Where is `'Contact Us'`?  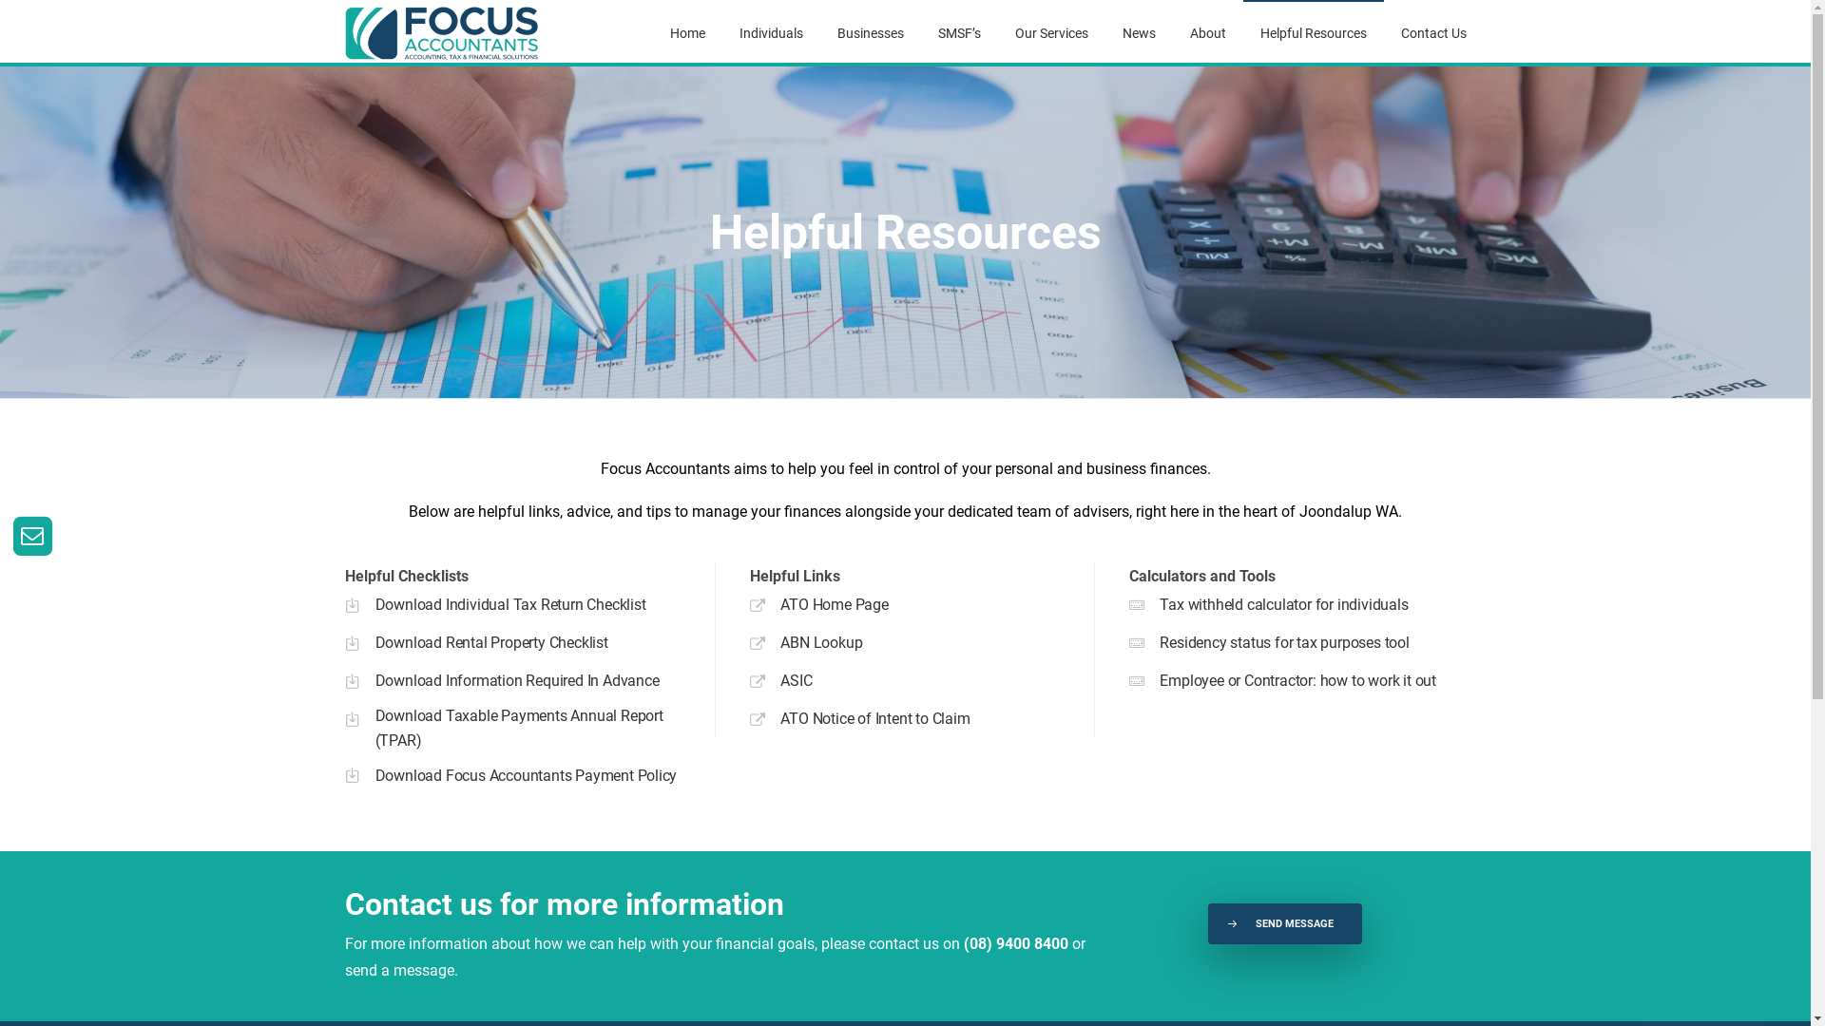 'Contact Us' is located at coordinates (1433, 32).